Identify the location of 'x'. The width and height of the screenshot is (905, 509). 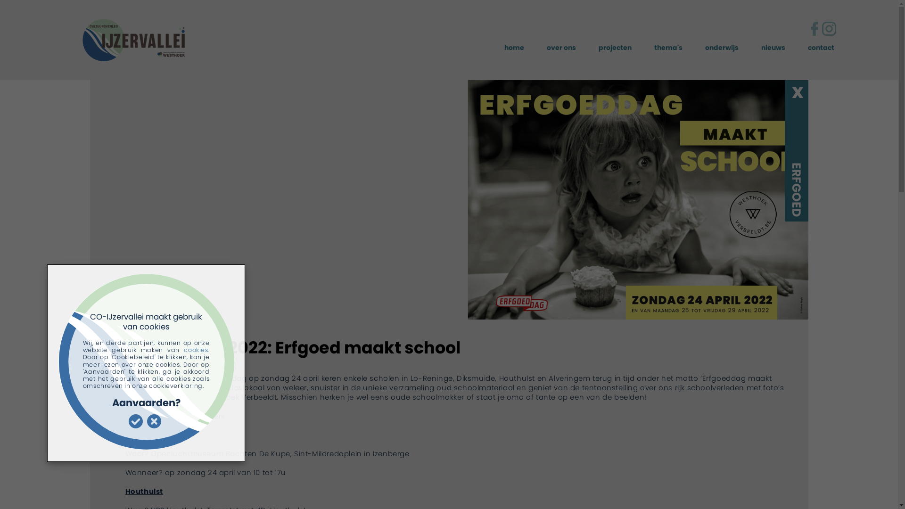
(797, 91).